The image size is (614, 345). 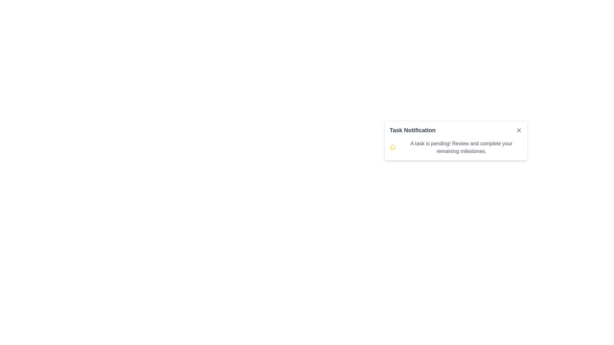 I want to click on notification message 'A task is pending! Review and complete your remaining milestones.' displayed within the notification card below the title 'Task Notification', so click(x=455, y=148).